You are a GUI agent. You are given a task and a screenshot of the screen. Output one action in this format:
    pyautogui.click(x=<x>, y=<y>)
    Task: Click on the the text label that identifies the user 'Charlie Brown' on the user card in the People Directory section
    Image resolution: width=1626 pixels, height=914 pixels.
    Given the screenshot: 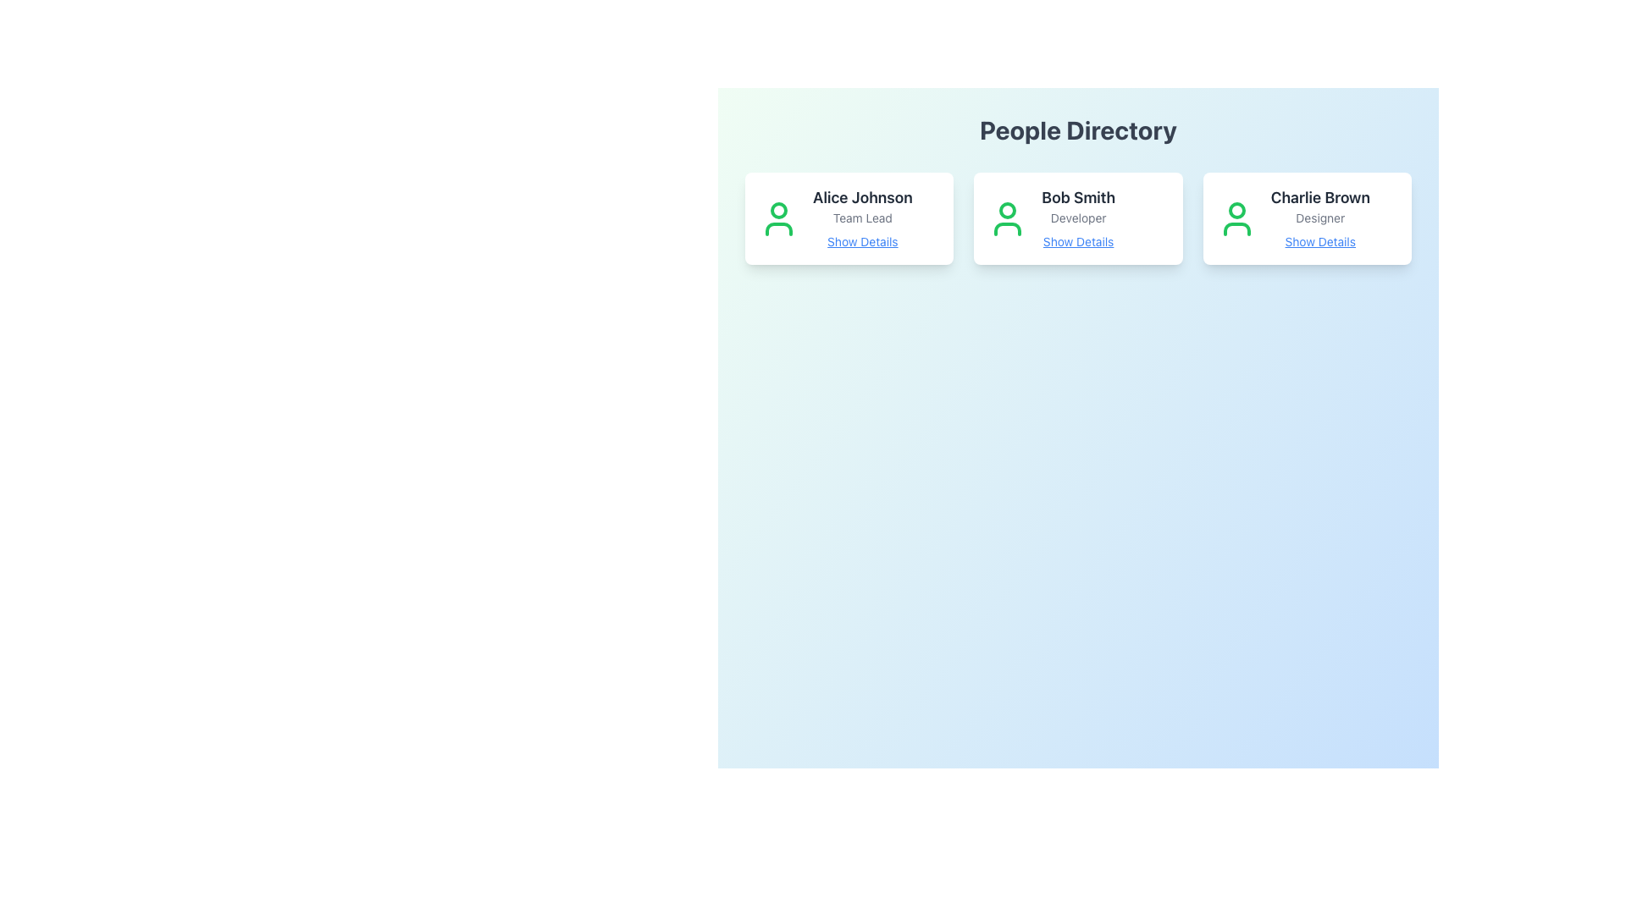 What is the action you would take?
    pyautogui.click(x=1319, y=197)
    